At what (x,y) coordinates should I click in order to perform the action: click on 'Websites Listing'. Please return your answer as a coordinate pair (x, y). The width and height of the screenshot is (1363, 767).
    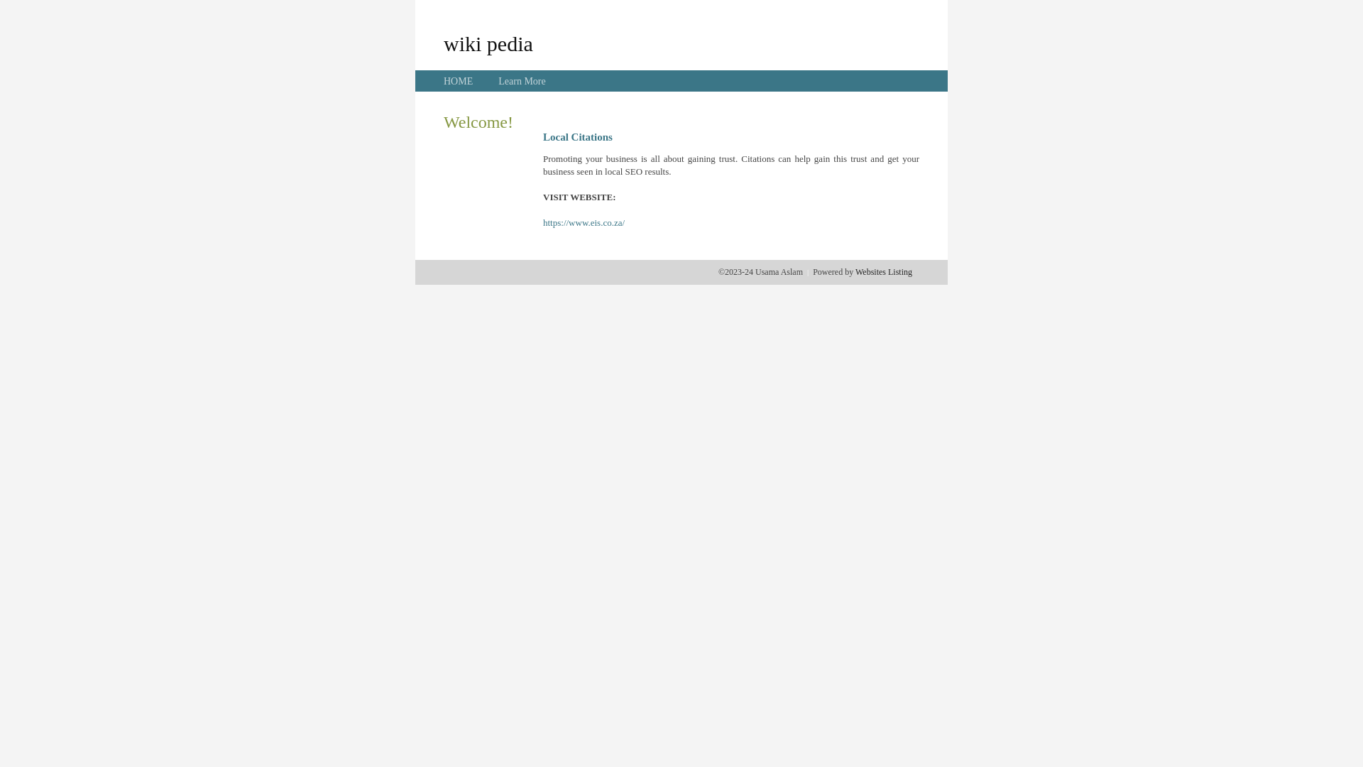
    Looking at the image, I should click on (882, 271).